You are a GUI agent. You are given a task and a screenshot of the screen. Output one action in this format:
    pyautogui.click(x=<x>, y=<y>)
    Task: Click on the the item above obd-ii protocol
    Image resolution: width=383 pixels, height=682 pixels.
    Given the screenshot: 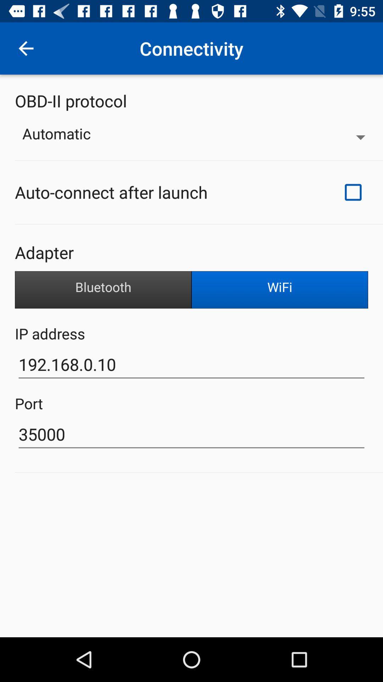 What is the action you would take?
    pyautogui.click(x=26, y=48)
    